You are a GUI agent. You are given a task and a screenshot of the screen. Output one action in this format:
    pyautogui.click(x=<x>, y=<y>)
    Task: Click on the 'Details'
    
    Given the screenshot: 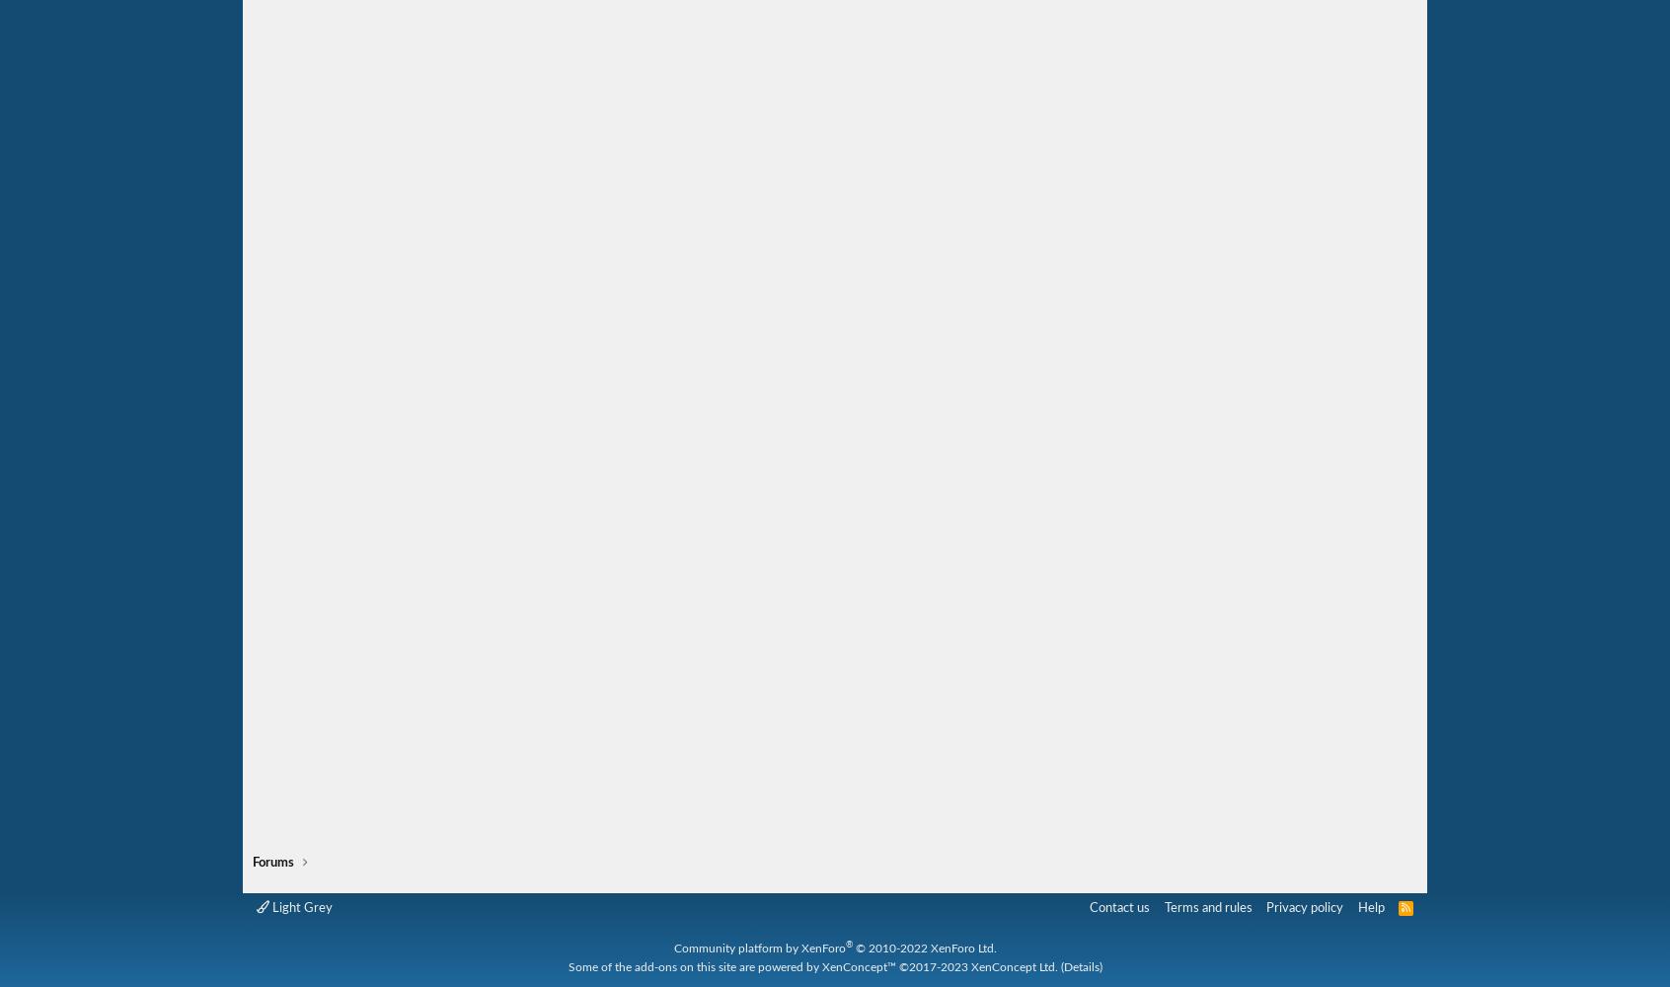 What is the action you would take?
    pyautogui.click(x=1062, y=965)
    